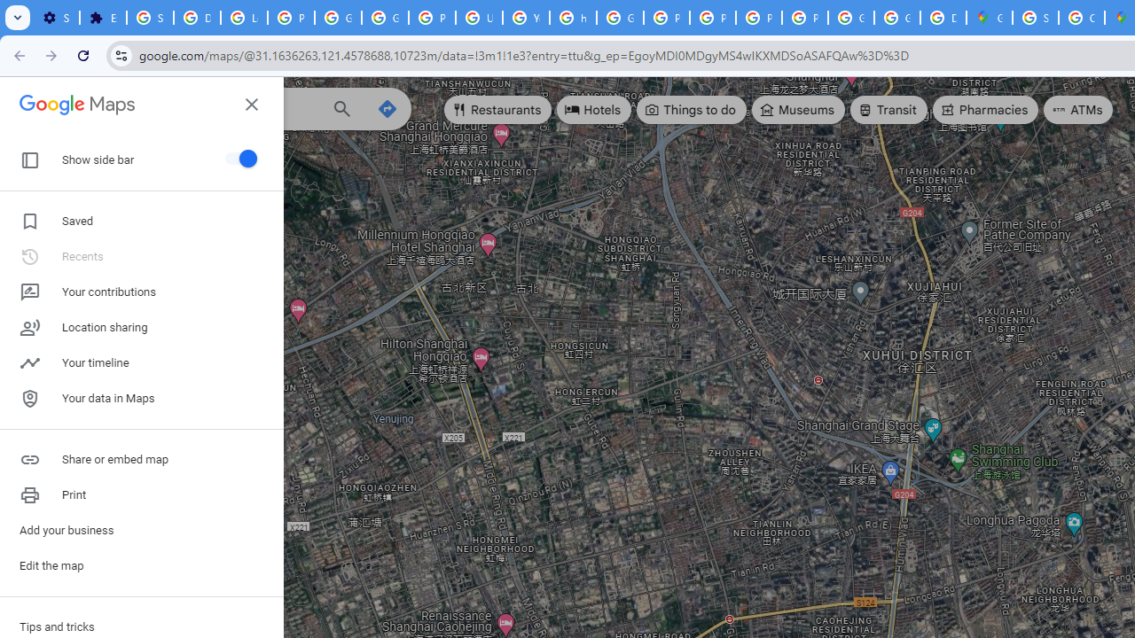 The width and height of the screenshot is (1135, 638). Describe the element at coordinates (142, 221) in the screenshot. I see `'Saved'` at that location.